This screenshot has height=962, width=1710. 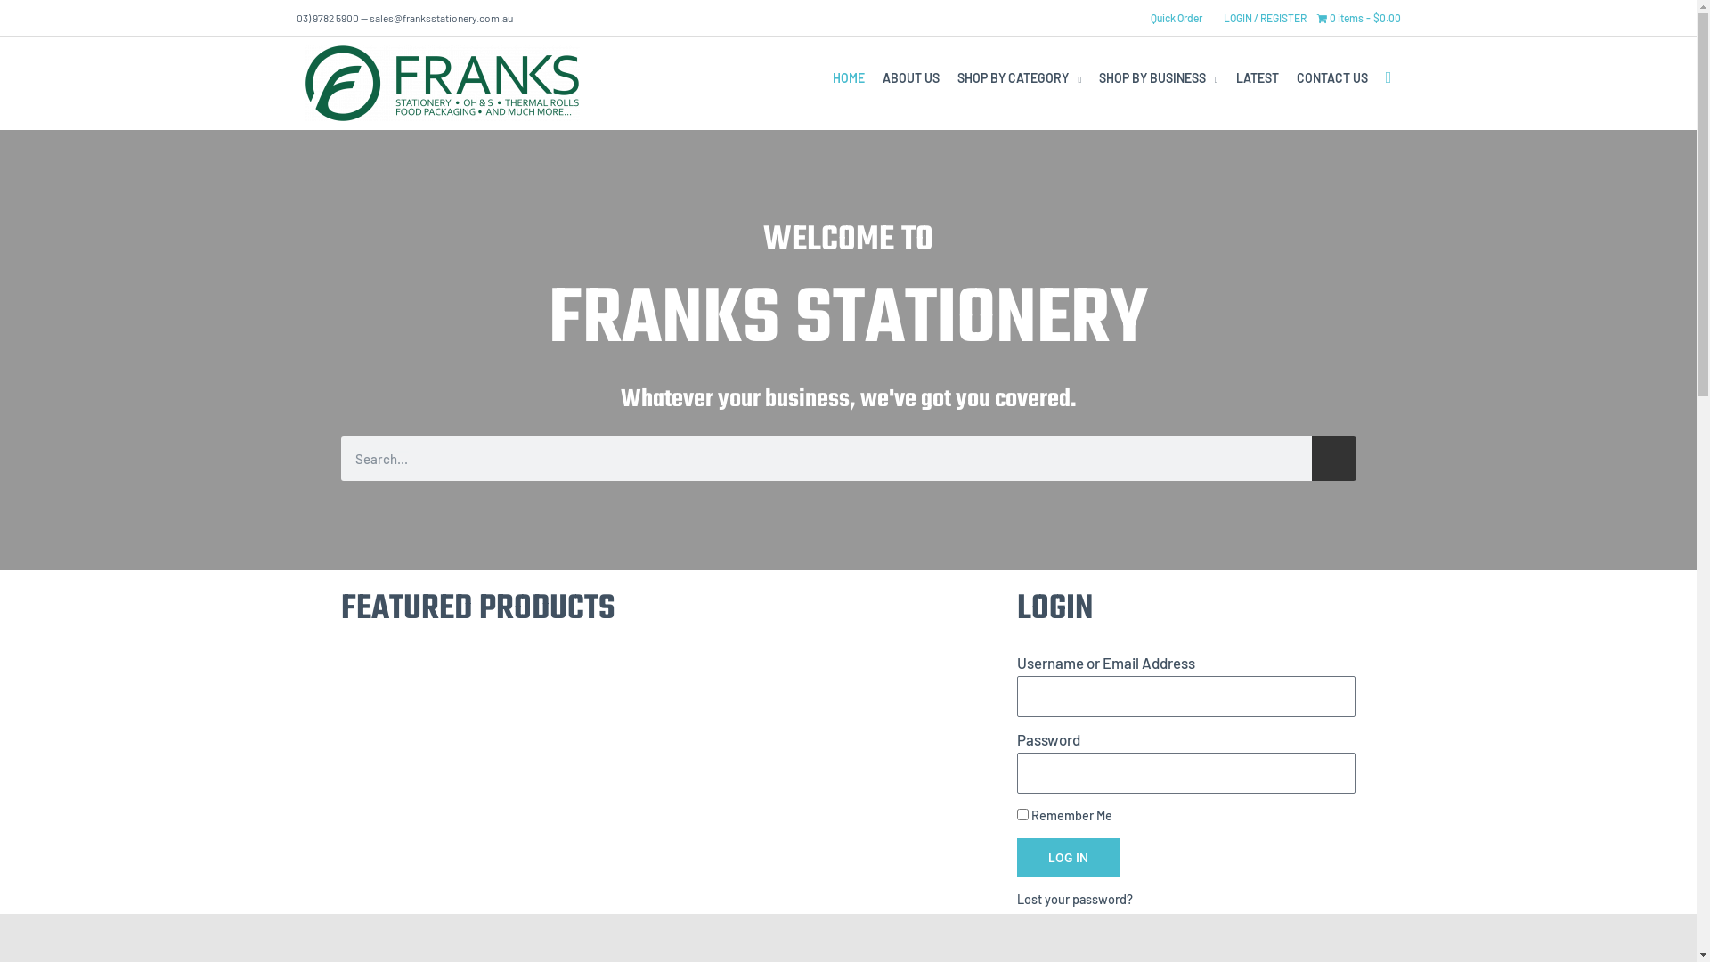 What do you see at coordinates (1158, 77) in the screenshot?
I see `'SHOP BY BUSINESS'` at bounding box center [1158, 77].